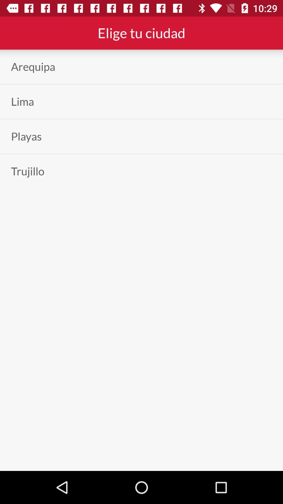 This screenshot has width=283, height=504. What do you see at coordinates (22, 102) in the screenshot?
I see `the lima app` at bounding box center [22, 102].